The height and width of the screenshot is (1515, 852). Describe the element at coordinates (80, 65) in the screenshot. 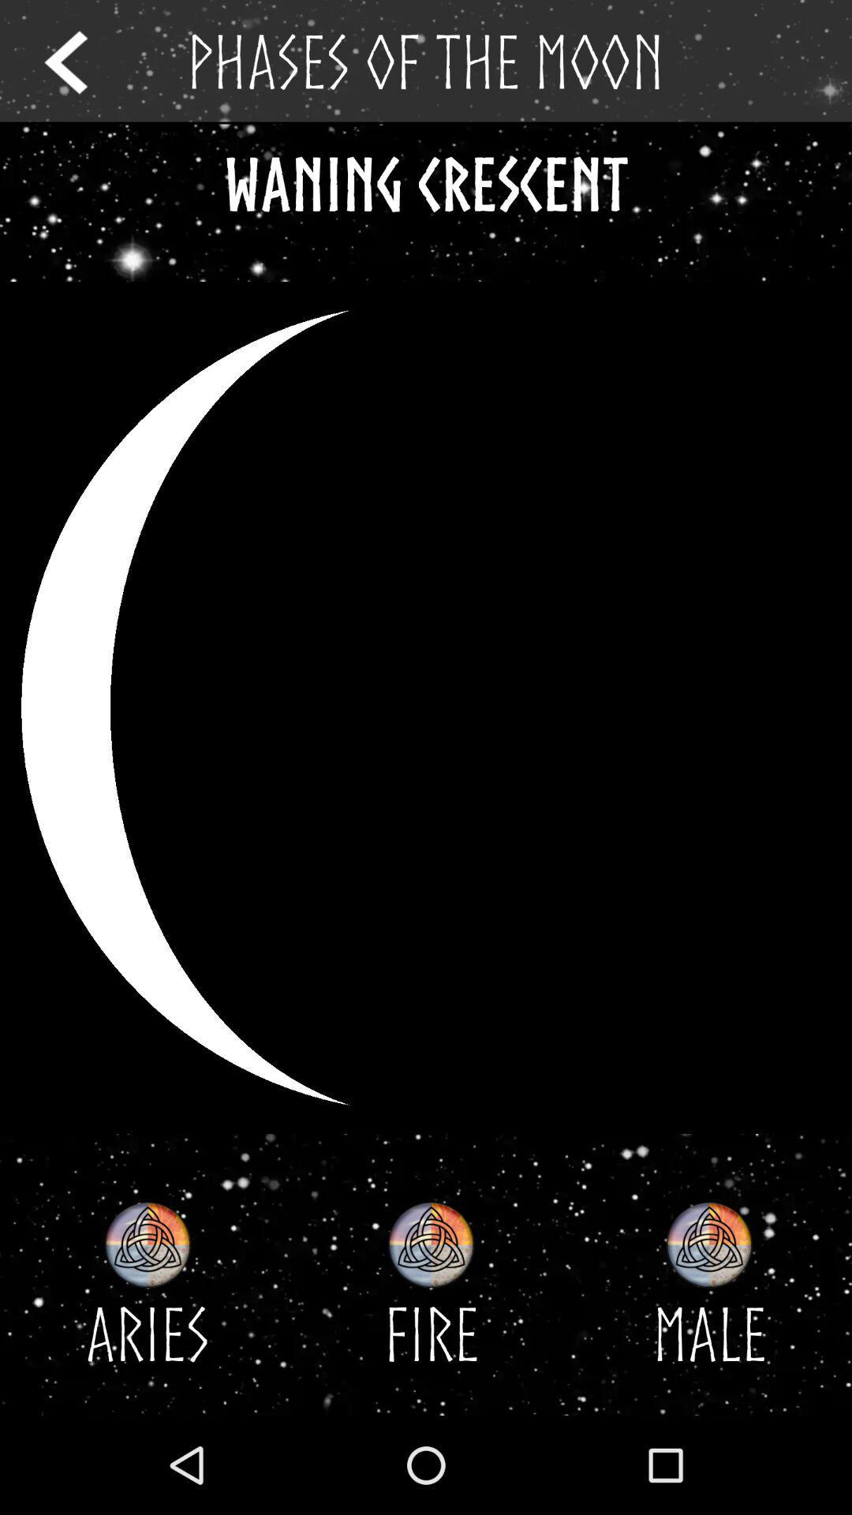

I see `the arrow_backward icon` at that location.